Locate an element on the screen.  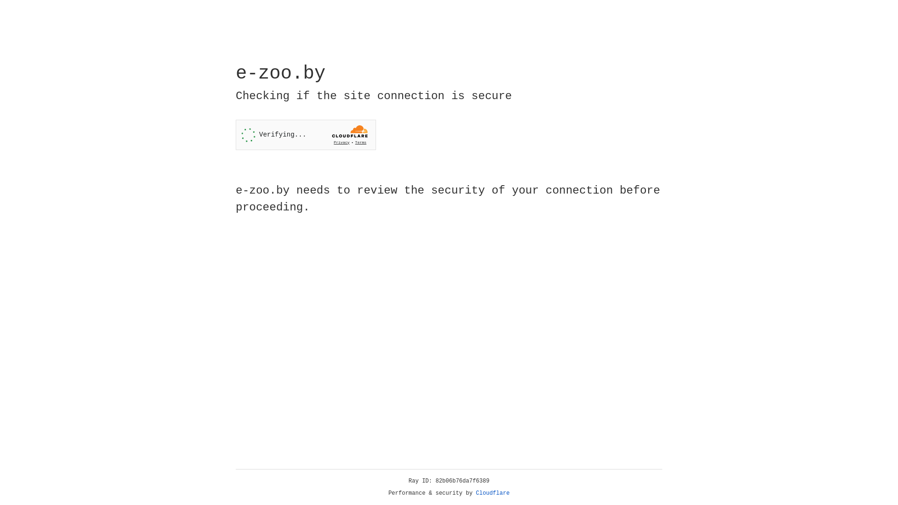
'Cloudflare' is located at coordinates (492, 493).